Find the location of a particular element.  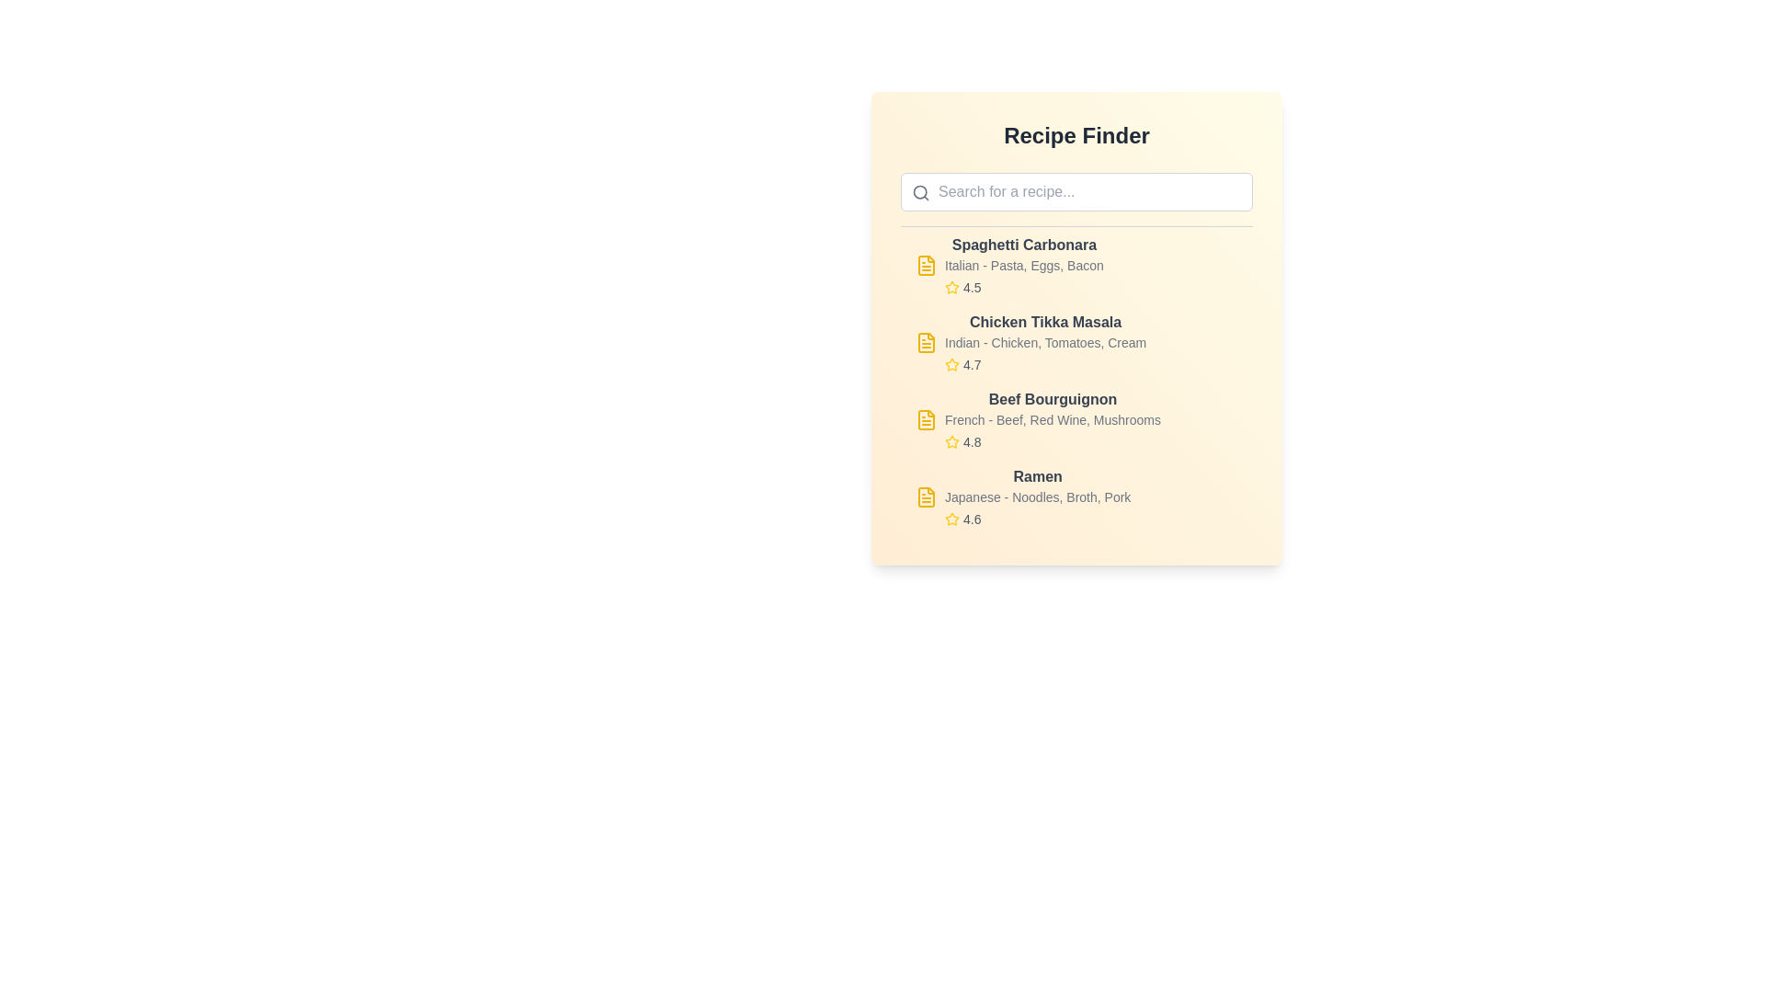

the non-interactive yellow document-like icon located next to the 'Chicken Tikka Masala' recipe in the list is located at coordinates (927, 343).